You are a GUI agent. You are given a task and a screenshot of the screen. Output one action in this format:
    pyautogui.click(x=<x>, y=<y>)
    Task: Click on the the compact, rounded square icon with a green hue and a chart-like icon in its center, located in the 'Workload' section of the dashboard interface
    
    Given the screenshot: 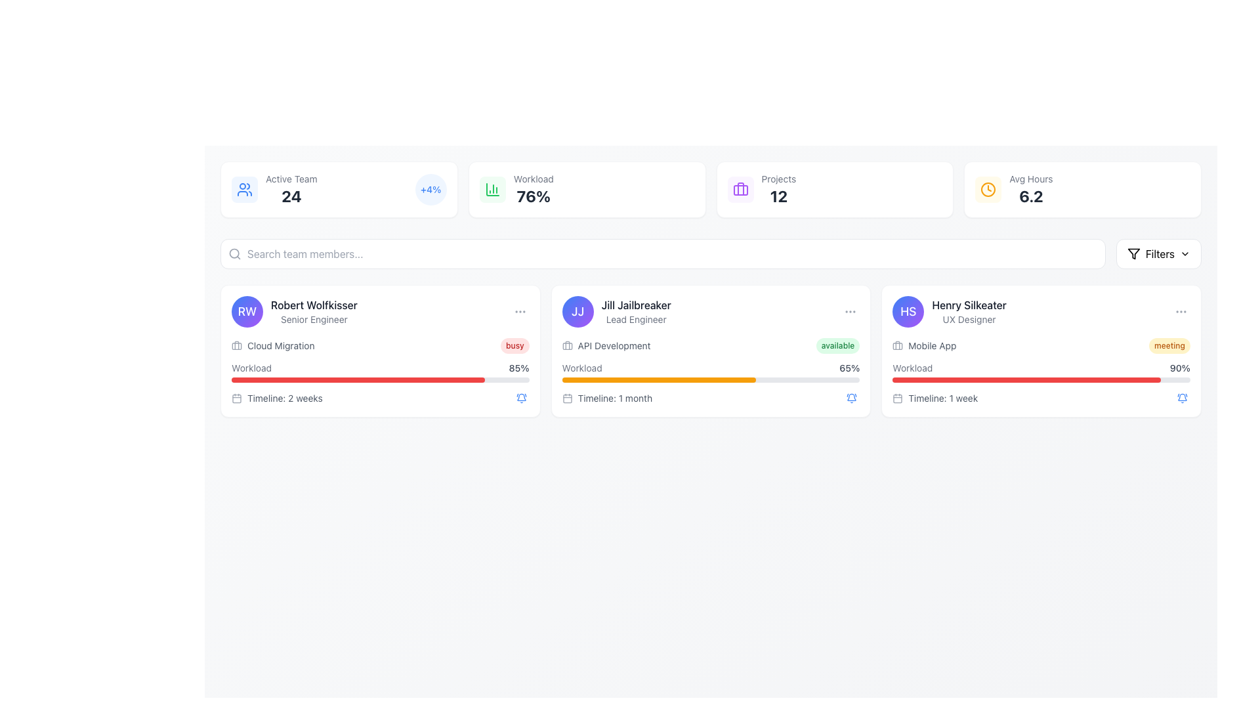 What is the action you would take?
    pyautogui.click(x=492, y=190)
    